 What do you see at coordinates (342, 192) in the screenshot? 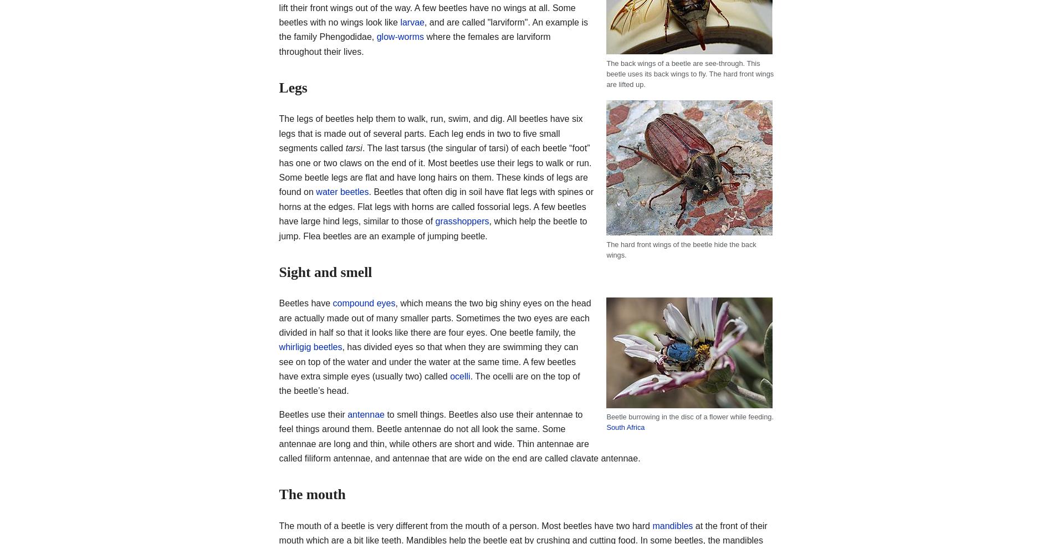
I see `'water beetles'` at bounding box center [342, 192].